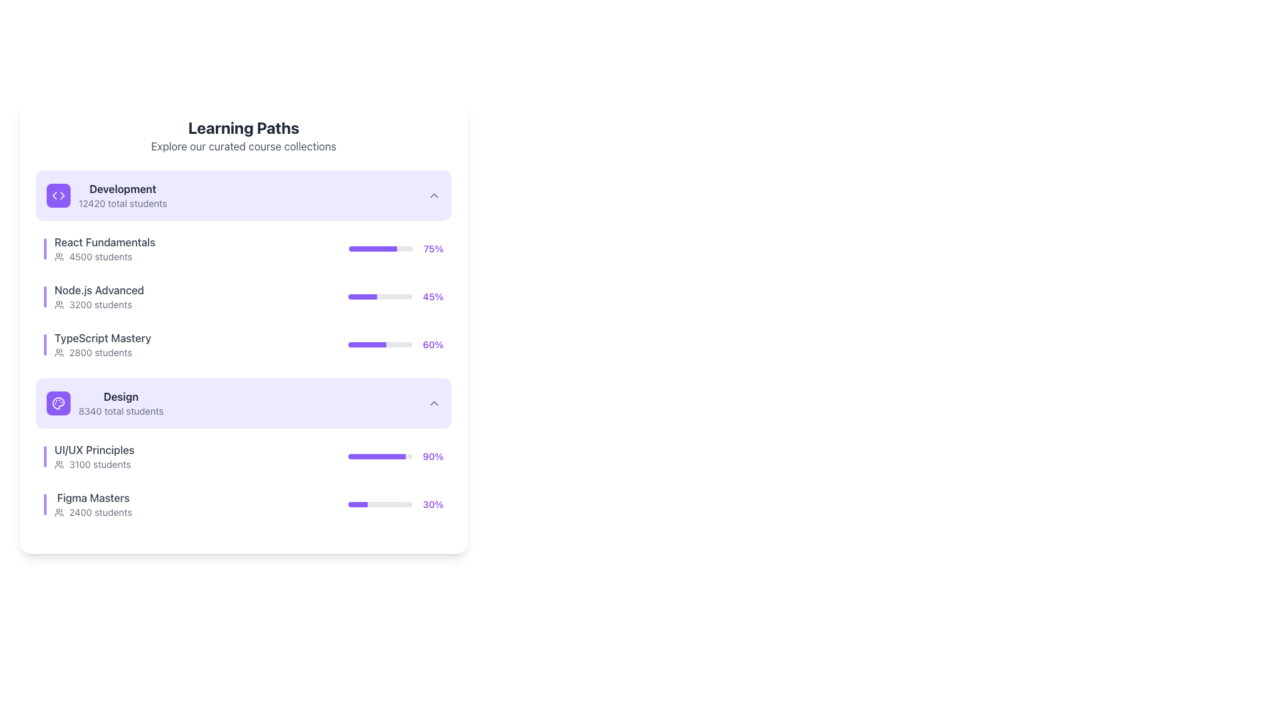 The width and height of the screenshot is (1279, 719). I want to click on the violet progress bar segment representing 45% progress in the learning display under 'Node.js Advanced', so click(362, 296).